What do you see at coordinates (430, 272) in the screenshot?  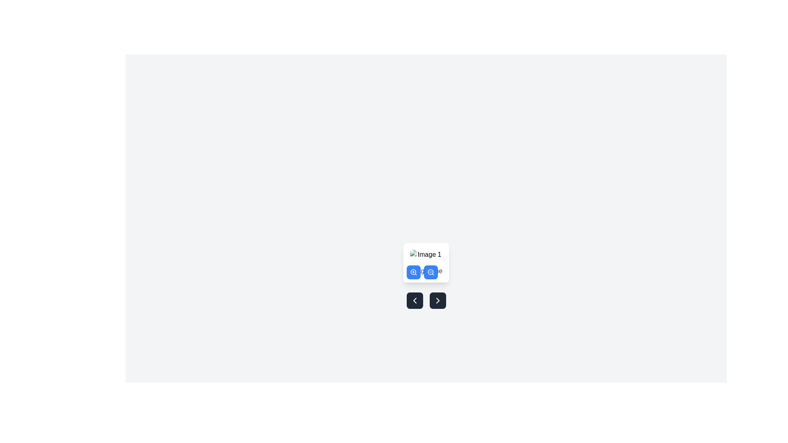 I see `the small, circular blue button with a white magnifying glass icon that represents zoom-out functionality` at bounding box center [430, 272].